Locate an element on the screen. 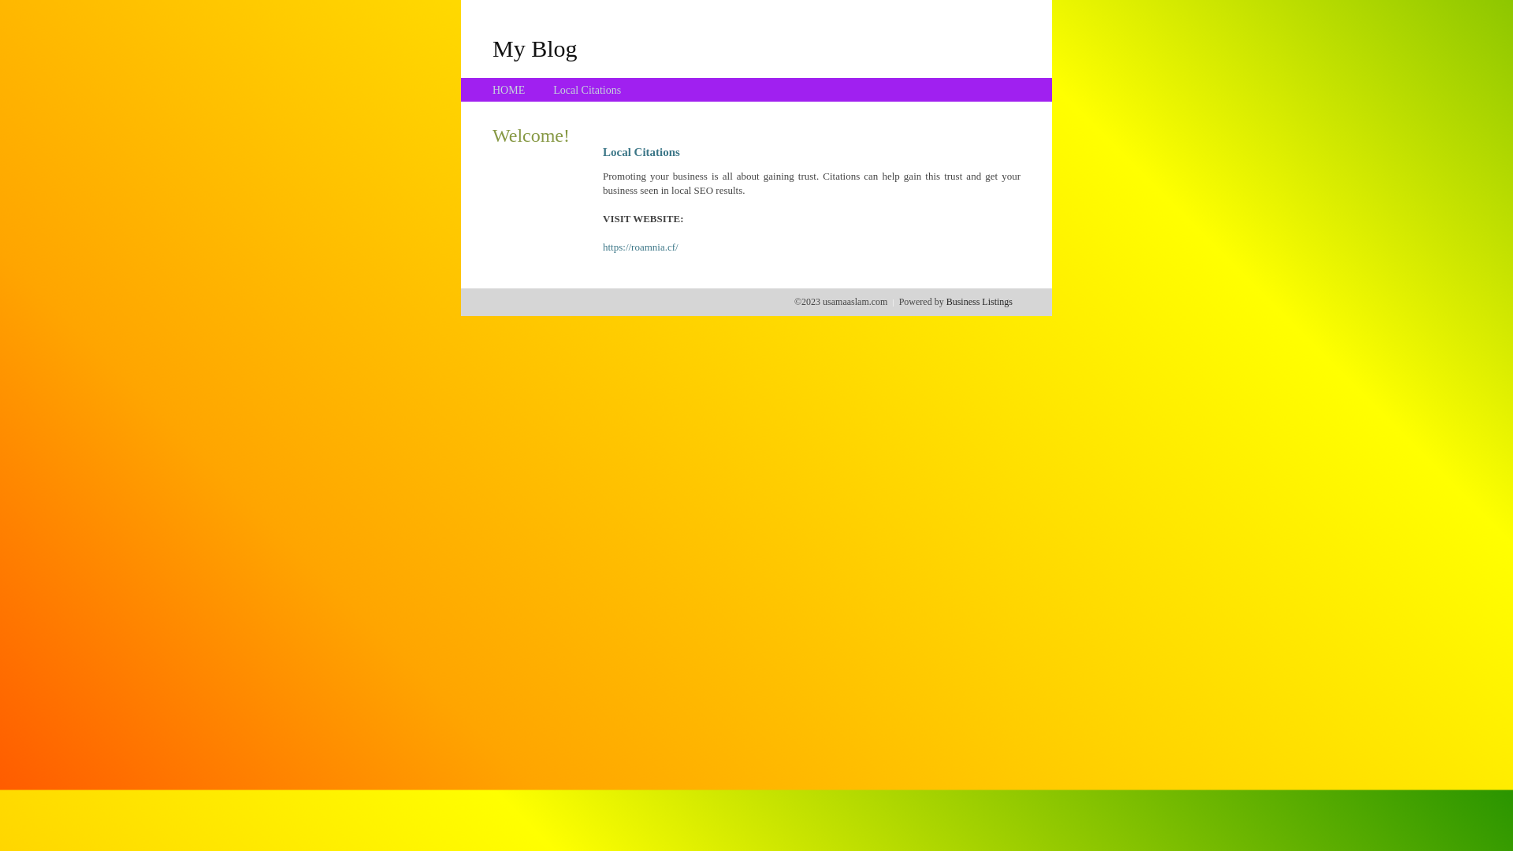  'Business Listings' is located at coordinates (946, 301).